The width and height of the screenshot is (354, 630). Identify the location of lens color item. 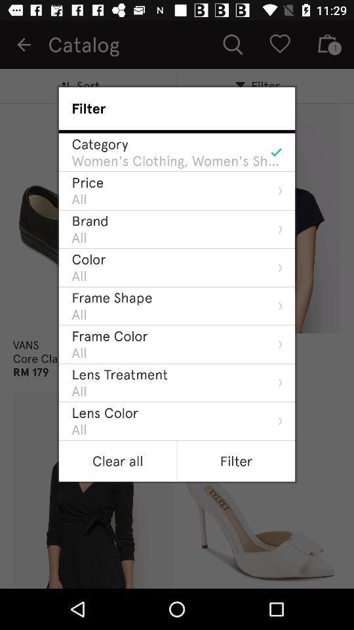
(104, 412).